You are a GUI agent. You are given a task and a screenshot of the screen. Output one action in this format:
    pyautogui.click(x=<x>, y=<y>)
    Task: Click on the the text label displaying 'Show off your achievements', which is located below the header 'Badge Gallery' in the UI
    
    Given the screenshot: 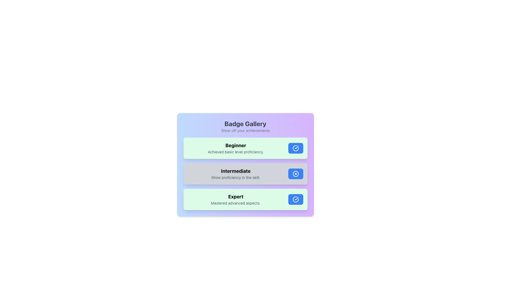 What is the action you would take?
    pyautogui.click(x=245, y=130)
    